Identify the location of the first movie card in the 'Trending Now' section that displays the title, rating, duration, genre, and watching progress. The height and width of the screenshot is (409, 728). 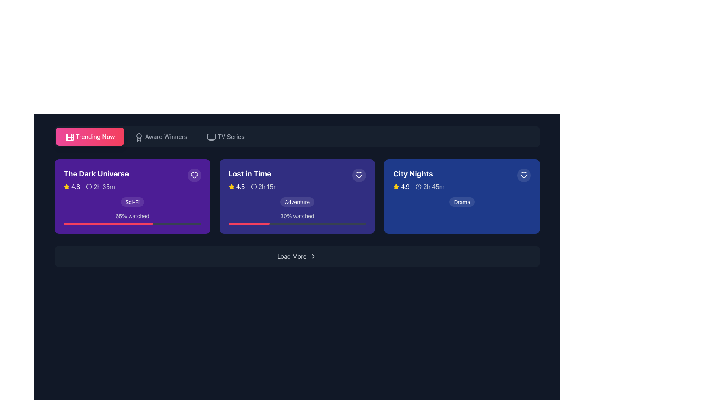
(132, 196).